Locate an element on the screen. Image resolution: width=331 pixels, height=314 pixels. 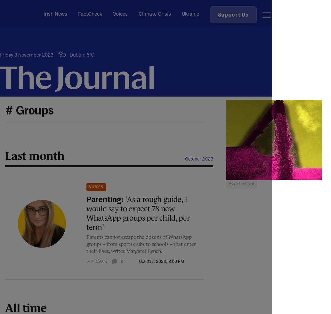
'19.6k' is located at coordinates (101, 261).